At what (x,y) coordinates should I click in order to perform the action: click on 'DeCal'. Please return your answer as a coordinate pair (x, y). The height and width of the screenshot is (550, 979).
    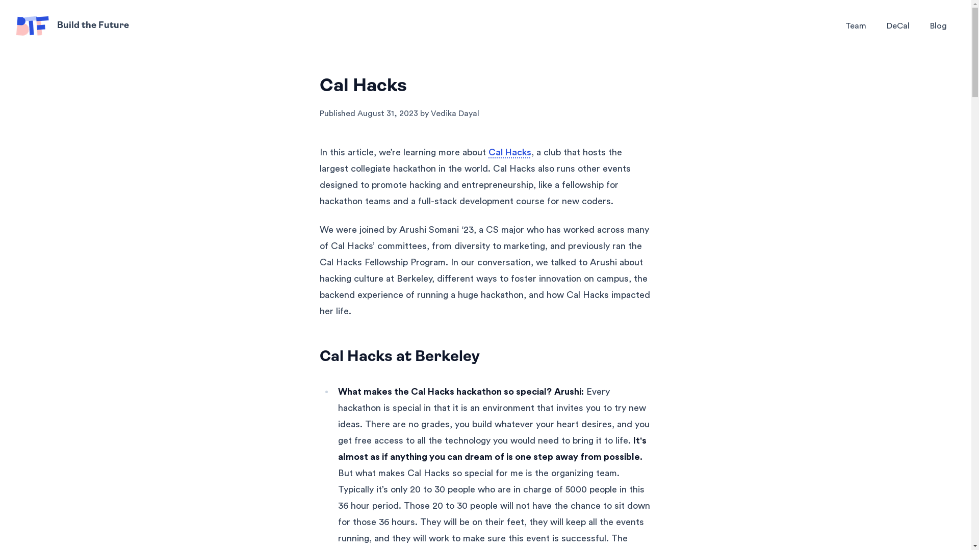
    Looking at the image, I should click on (898, 25).